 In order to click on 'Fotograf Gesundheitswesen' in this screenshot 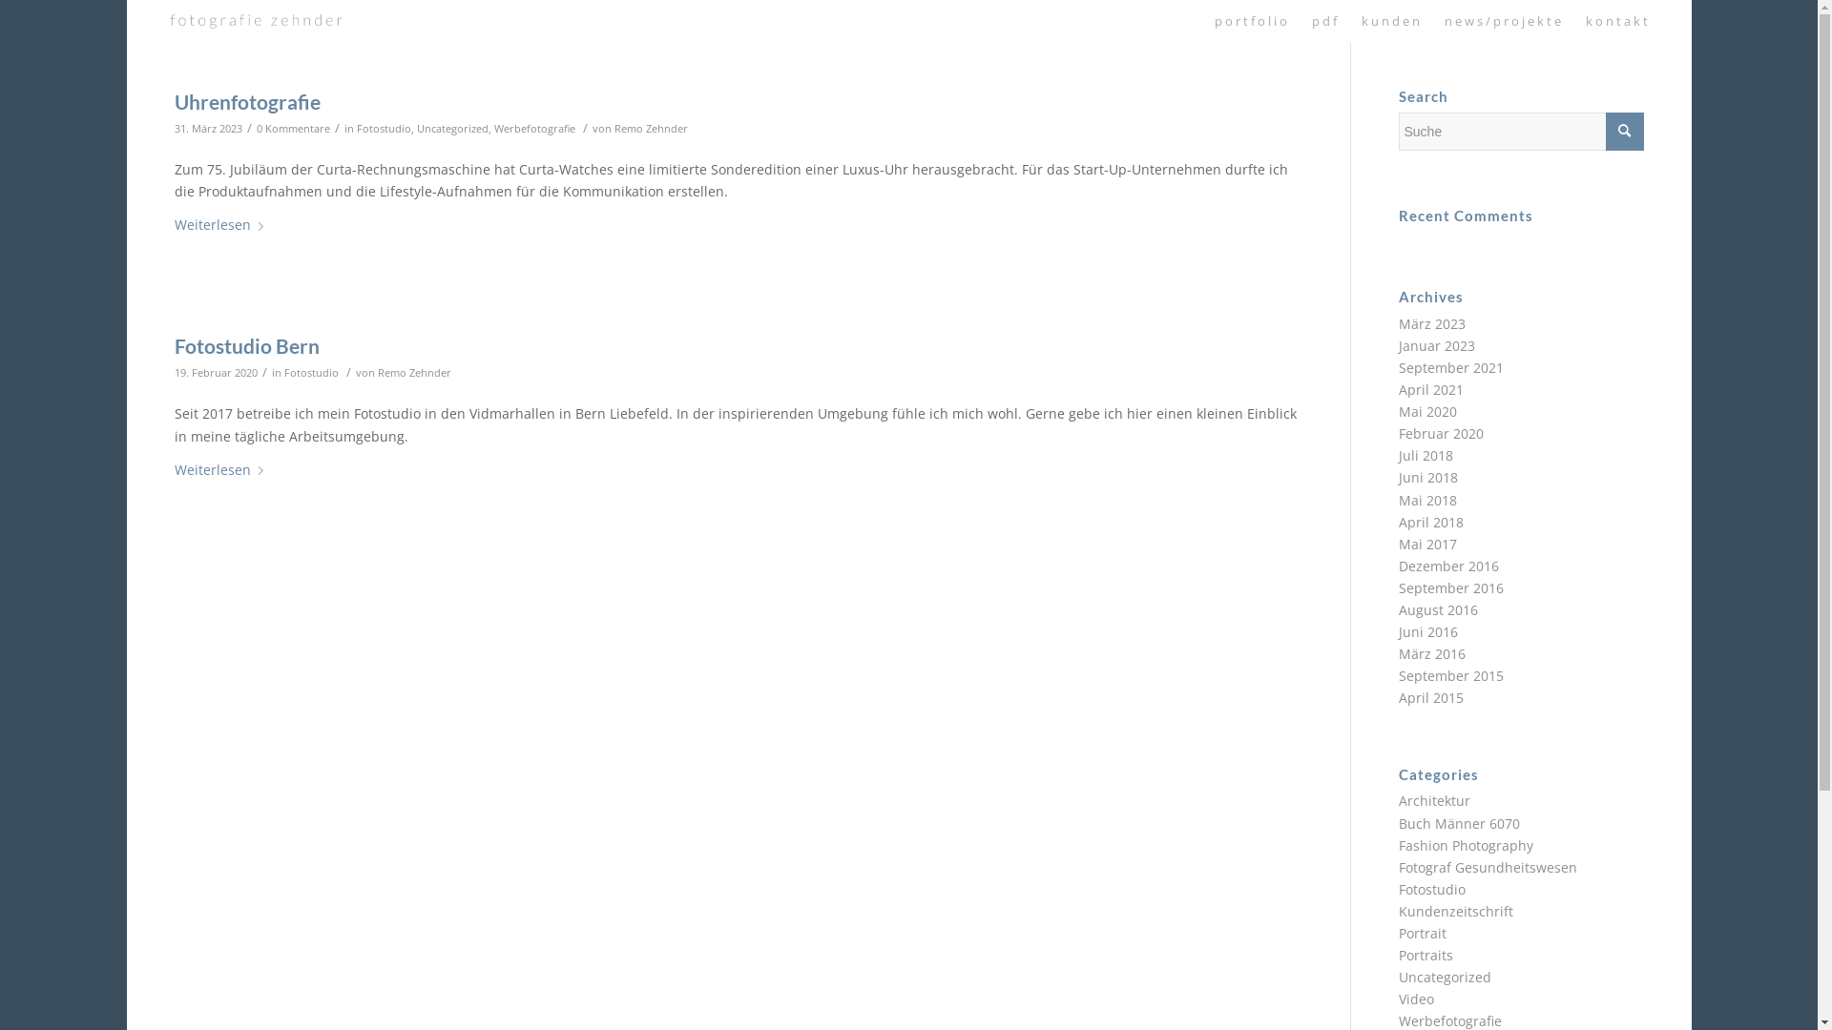, I will do `click(1487, 867)`.